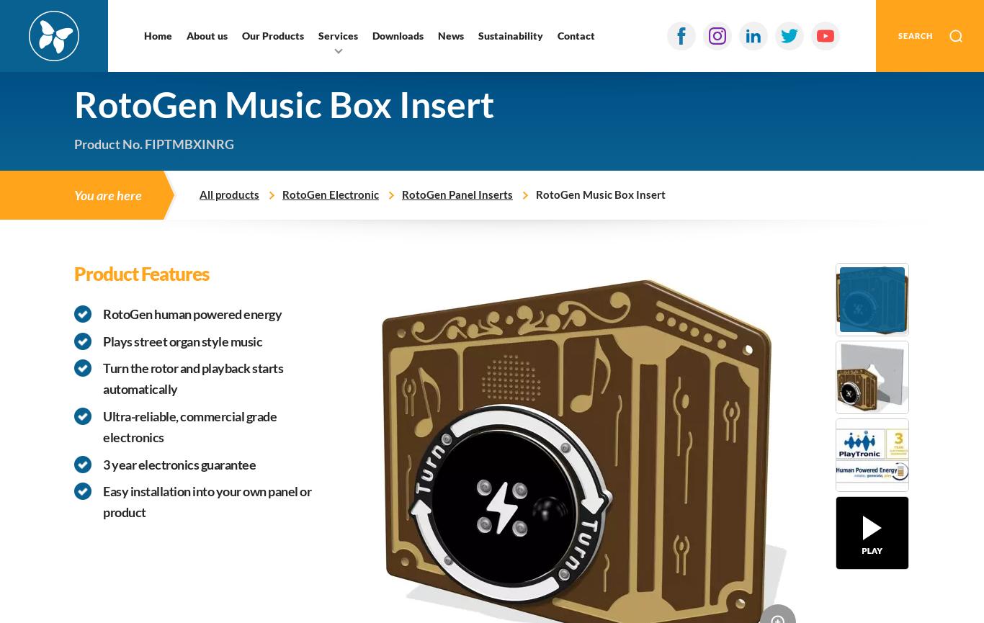 This screenshot has width=984, height=623. Describe the element at coordinates (102, 377) in the screenshot. I see `'Turn the rotor and playback starts automatically'` at that location.